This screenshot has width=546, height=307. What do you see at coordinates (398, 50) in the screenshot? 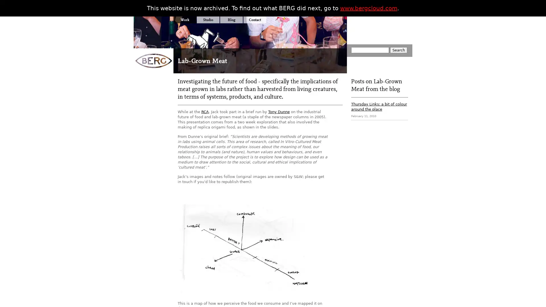
I see `Search` at bounding box center [398, 50].